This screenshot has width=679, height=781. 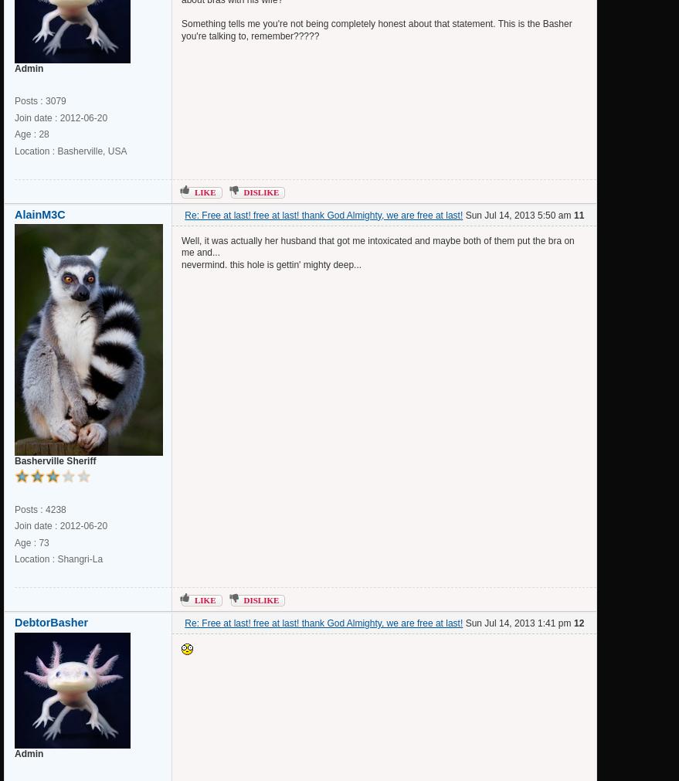 I want to click on 'nevermind. this hole is gettin' mighty deep...', so click(x=270, y=263).